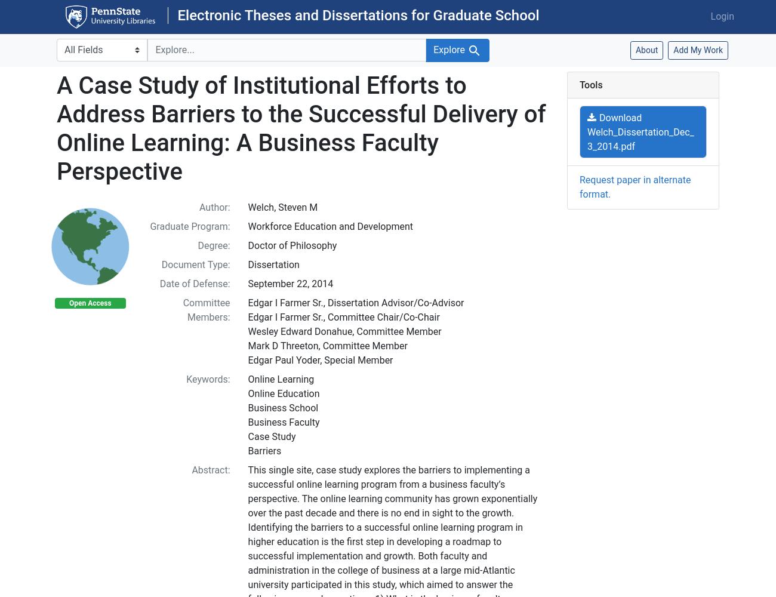 The height and width of the screenshot is (597, 776). I want to click on 'Online Learning', so click(247, 378).